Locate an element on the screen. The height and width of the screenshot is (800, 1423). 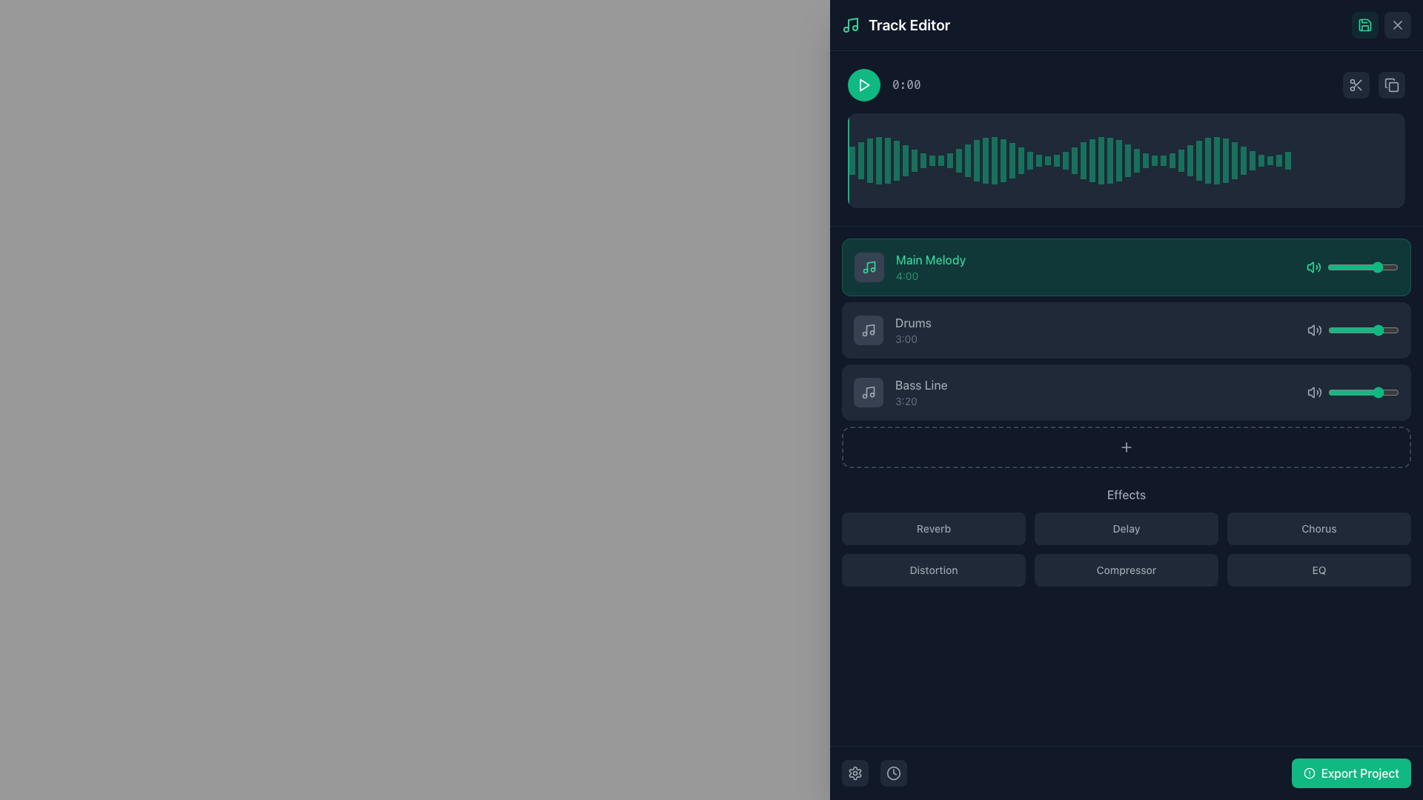
the speaker or volume-related icon located in the 'Drums' section of the track editor interface, positioned between the section label 'Drums: 3:00' and the slider control is located at coordinates (1315, 330).